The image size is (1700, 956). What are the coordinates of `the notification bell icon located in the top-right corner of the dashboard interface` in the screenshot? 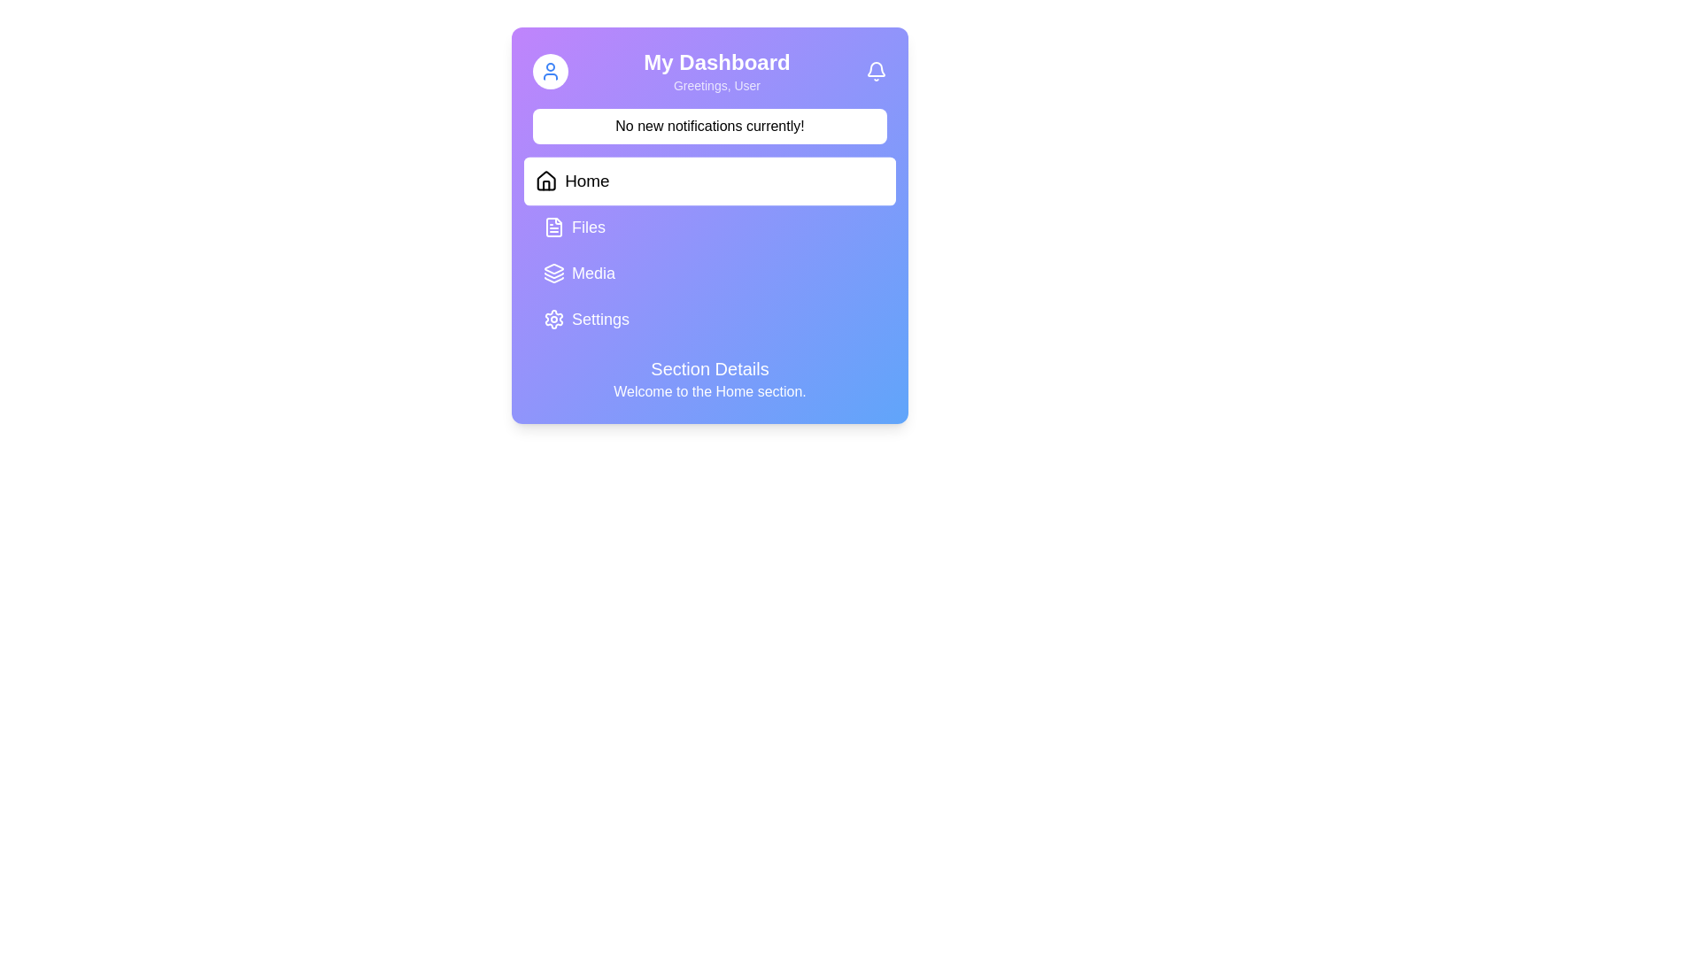 It's located at (876, 71).